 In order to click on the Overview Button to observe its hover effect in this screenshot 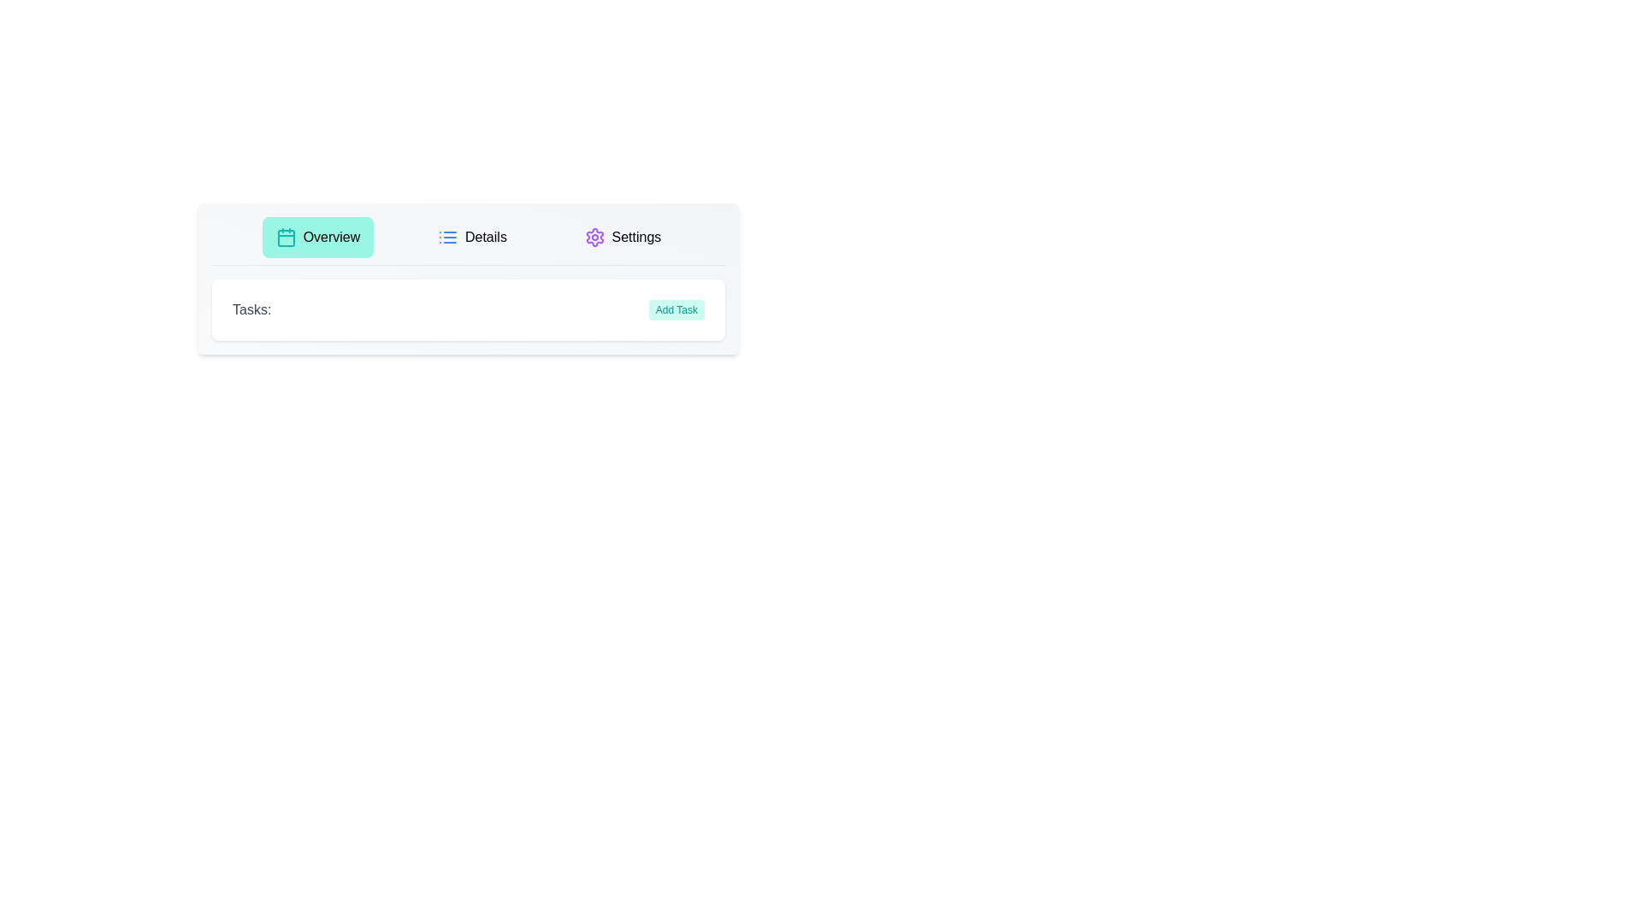, I will do `click(317, 237)`.